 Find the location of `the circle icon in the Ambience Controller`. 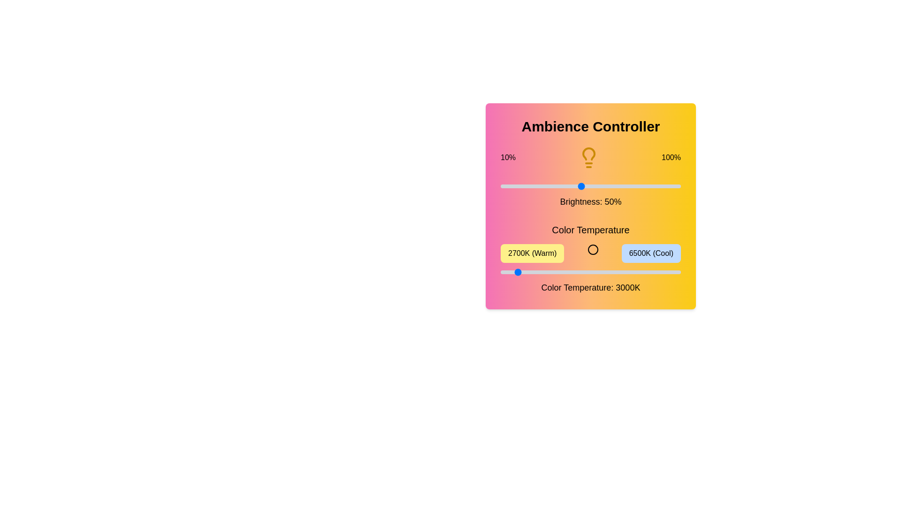

the circle icon in the Ambience Controller is located at coordinates (592, 249).